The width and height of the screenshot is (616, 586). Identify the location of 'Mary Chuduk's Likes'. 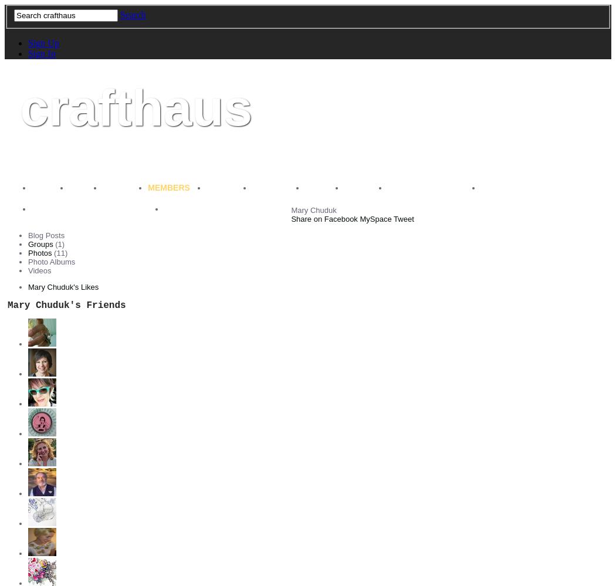
(63, 286).